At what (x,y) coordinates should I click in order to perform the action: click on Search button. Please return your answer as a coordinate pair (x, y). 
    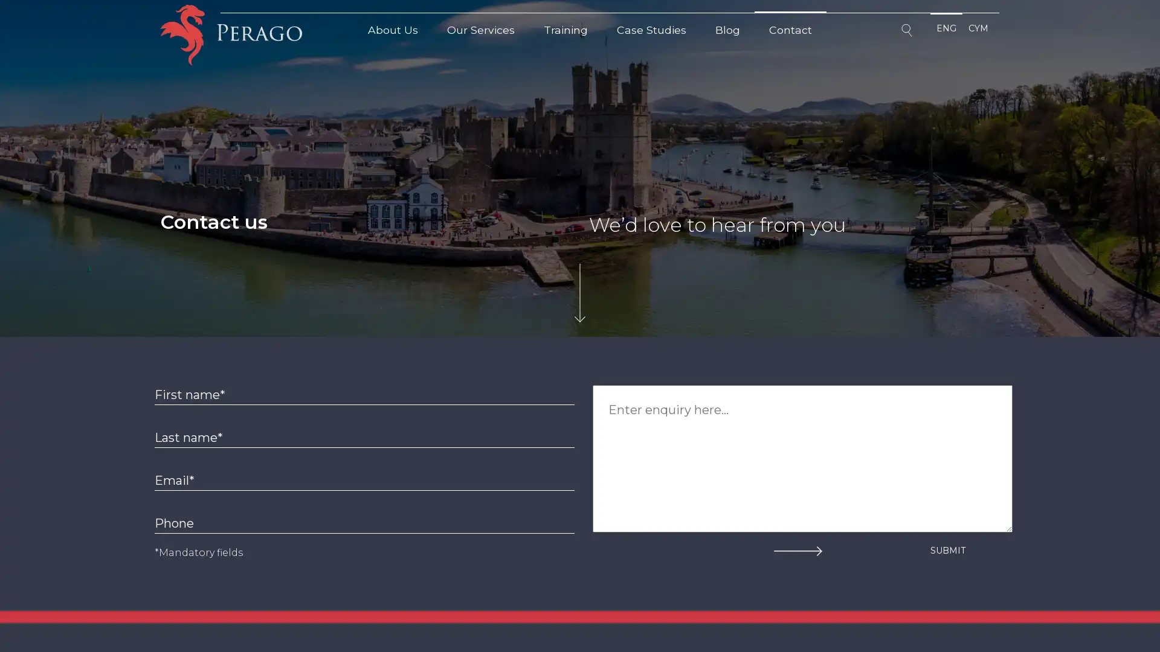
    Looking at the image, I should click on (908, 32).